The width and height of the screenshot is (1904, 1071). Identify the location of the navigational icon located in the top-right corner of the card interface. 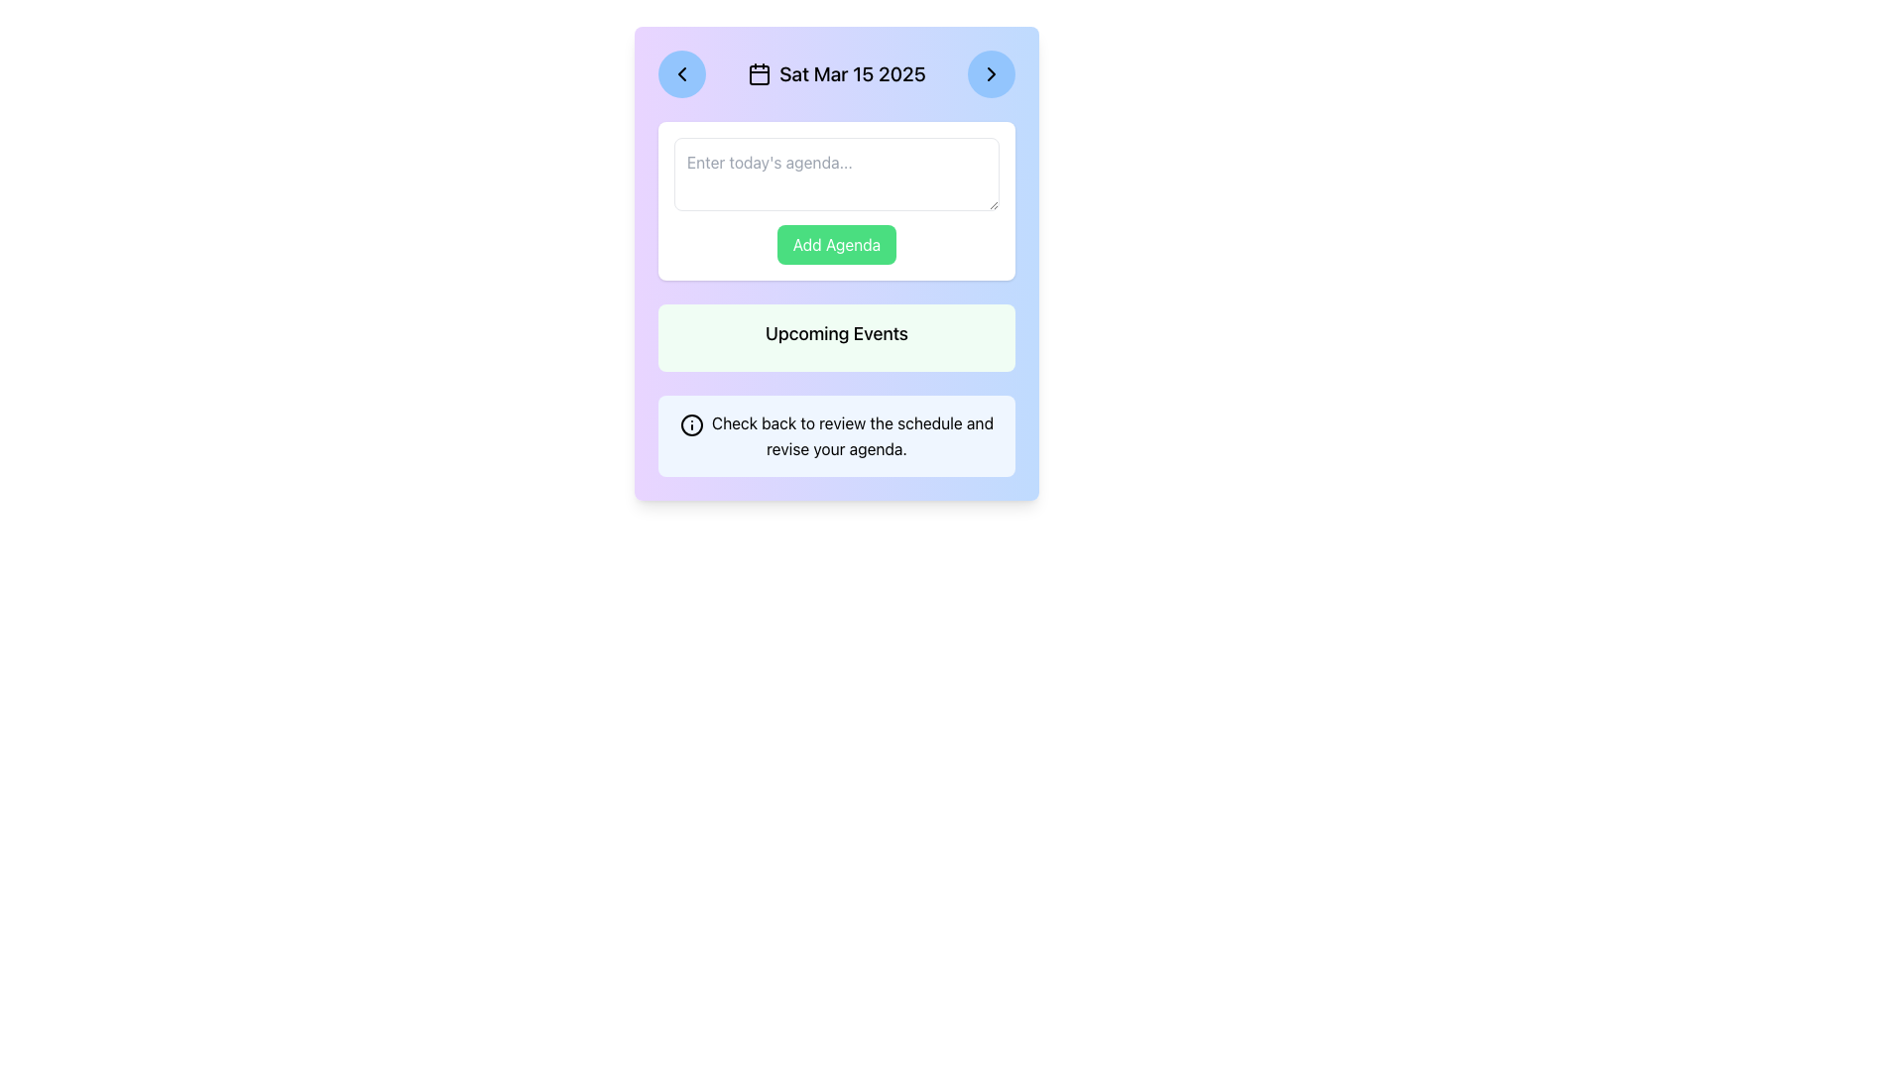
(991, 72).